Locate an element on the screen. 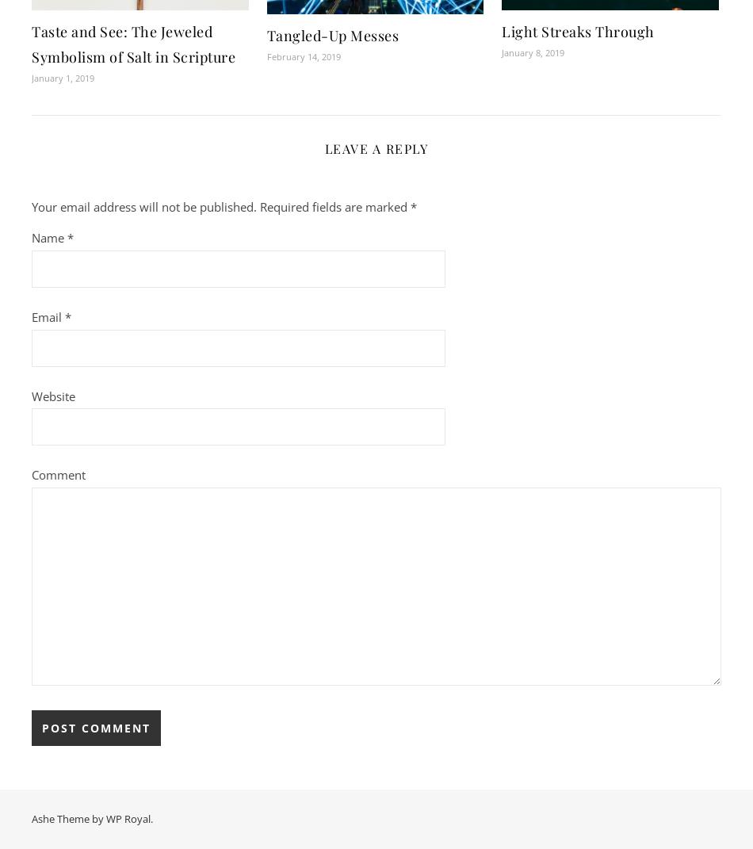 This screenshot has width=753, height=849. 'Website' is located at coordinates (53, 394).